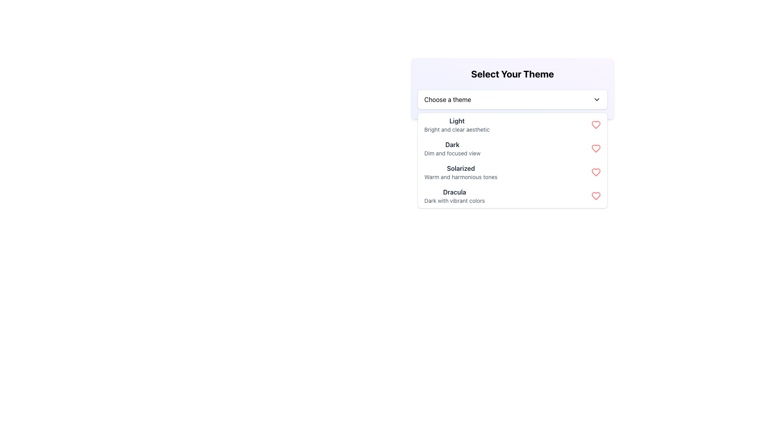  Describe the element at coordinates (596, 172) in the screenshot. I see `the heart icon in the dropdown menu under the 'Select Your Theme' section, which indicates functionality related to favorites and is aligned to the right of the 'Dark' option` at that location.